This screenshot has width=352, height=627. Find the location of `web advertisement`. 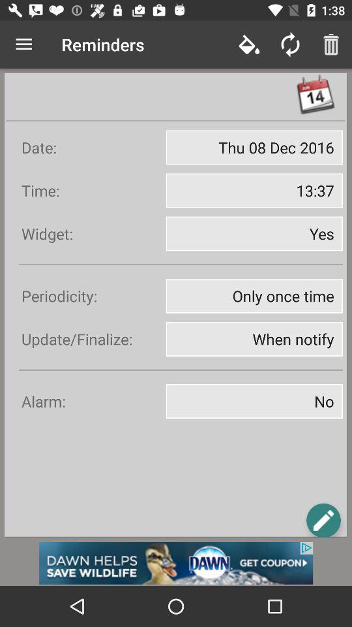

web advertisement is located at coordinates (176, 562).